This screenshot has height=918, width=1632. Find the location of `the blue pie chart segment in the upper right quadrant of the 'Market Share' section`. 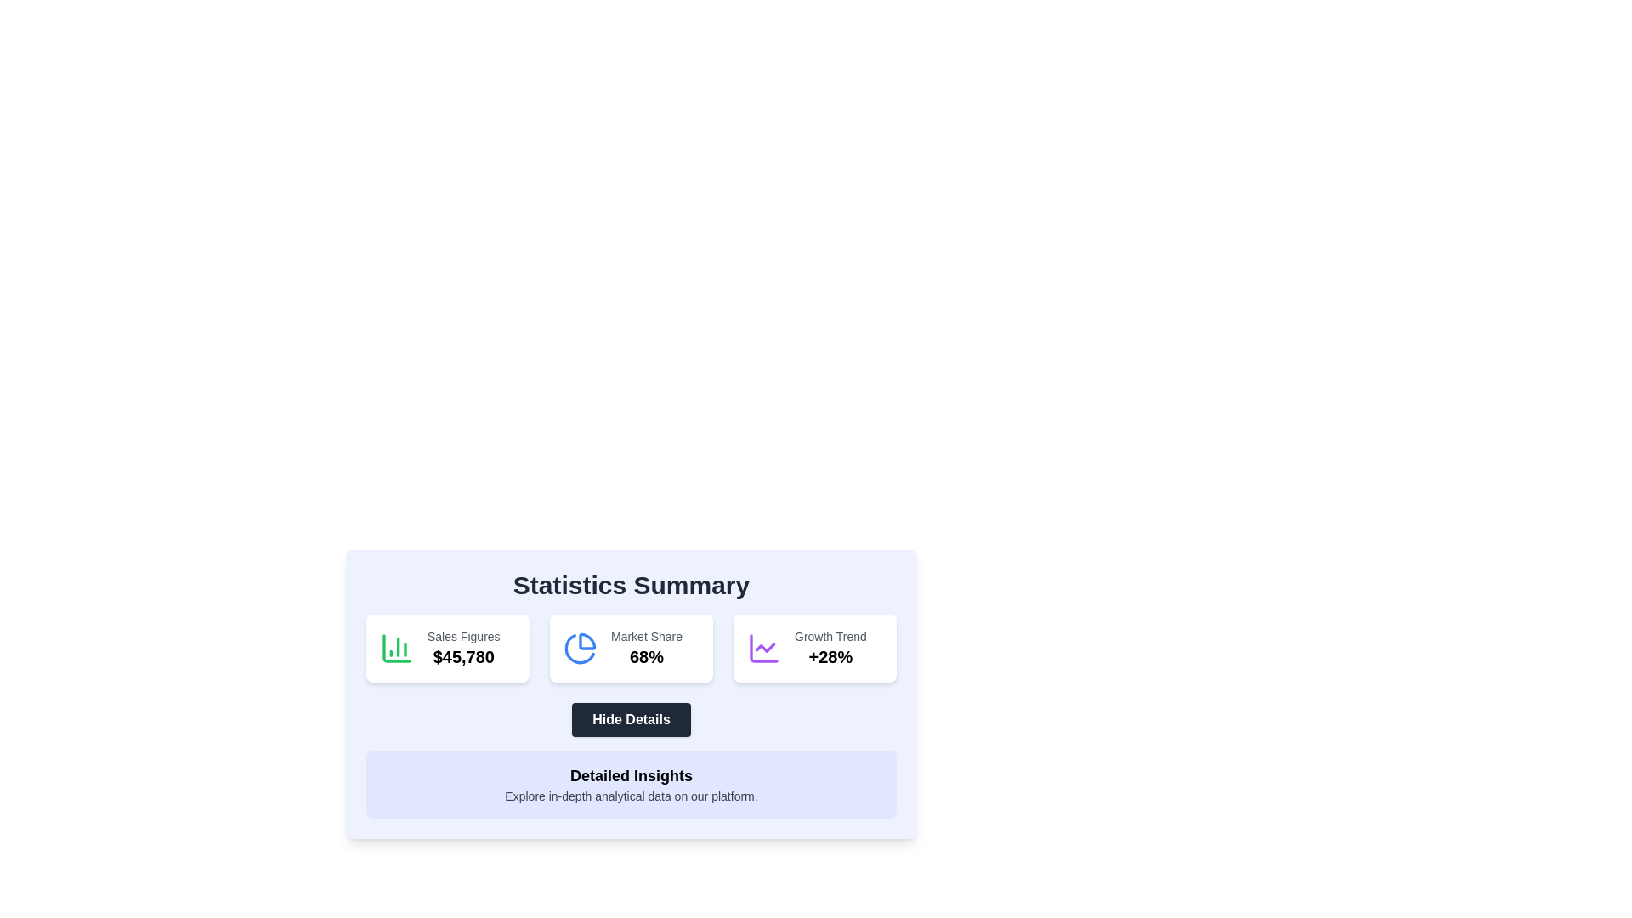

the blue pie chart segment in the upper right quadrant of the 'Market Share' section is located at coordinates (587, 641).